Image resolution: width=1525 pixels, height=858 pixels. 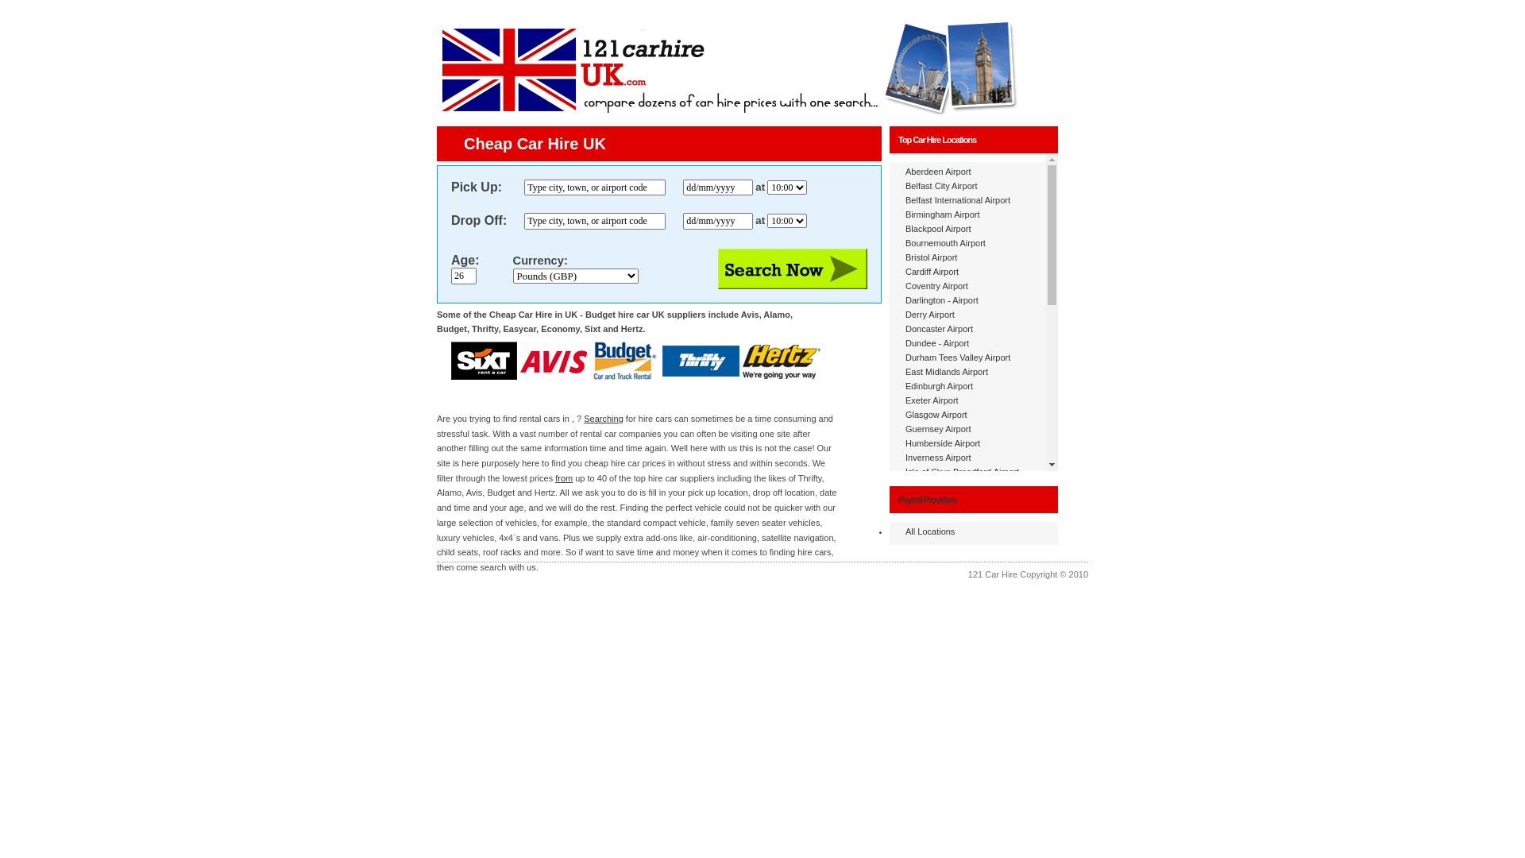 What do you see at coordinates (956, 199) in the screenshot?
I see `'Belfast International Airport'` at bounding box center [956, 199].